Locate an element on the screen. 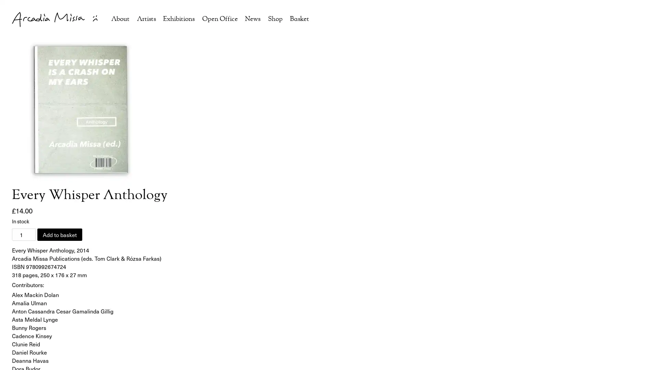 This screenshot has height=370, width=658. Add to basket is located at coordinates (60, 234).